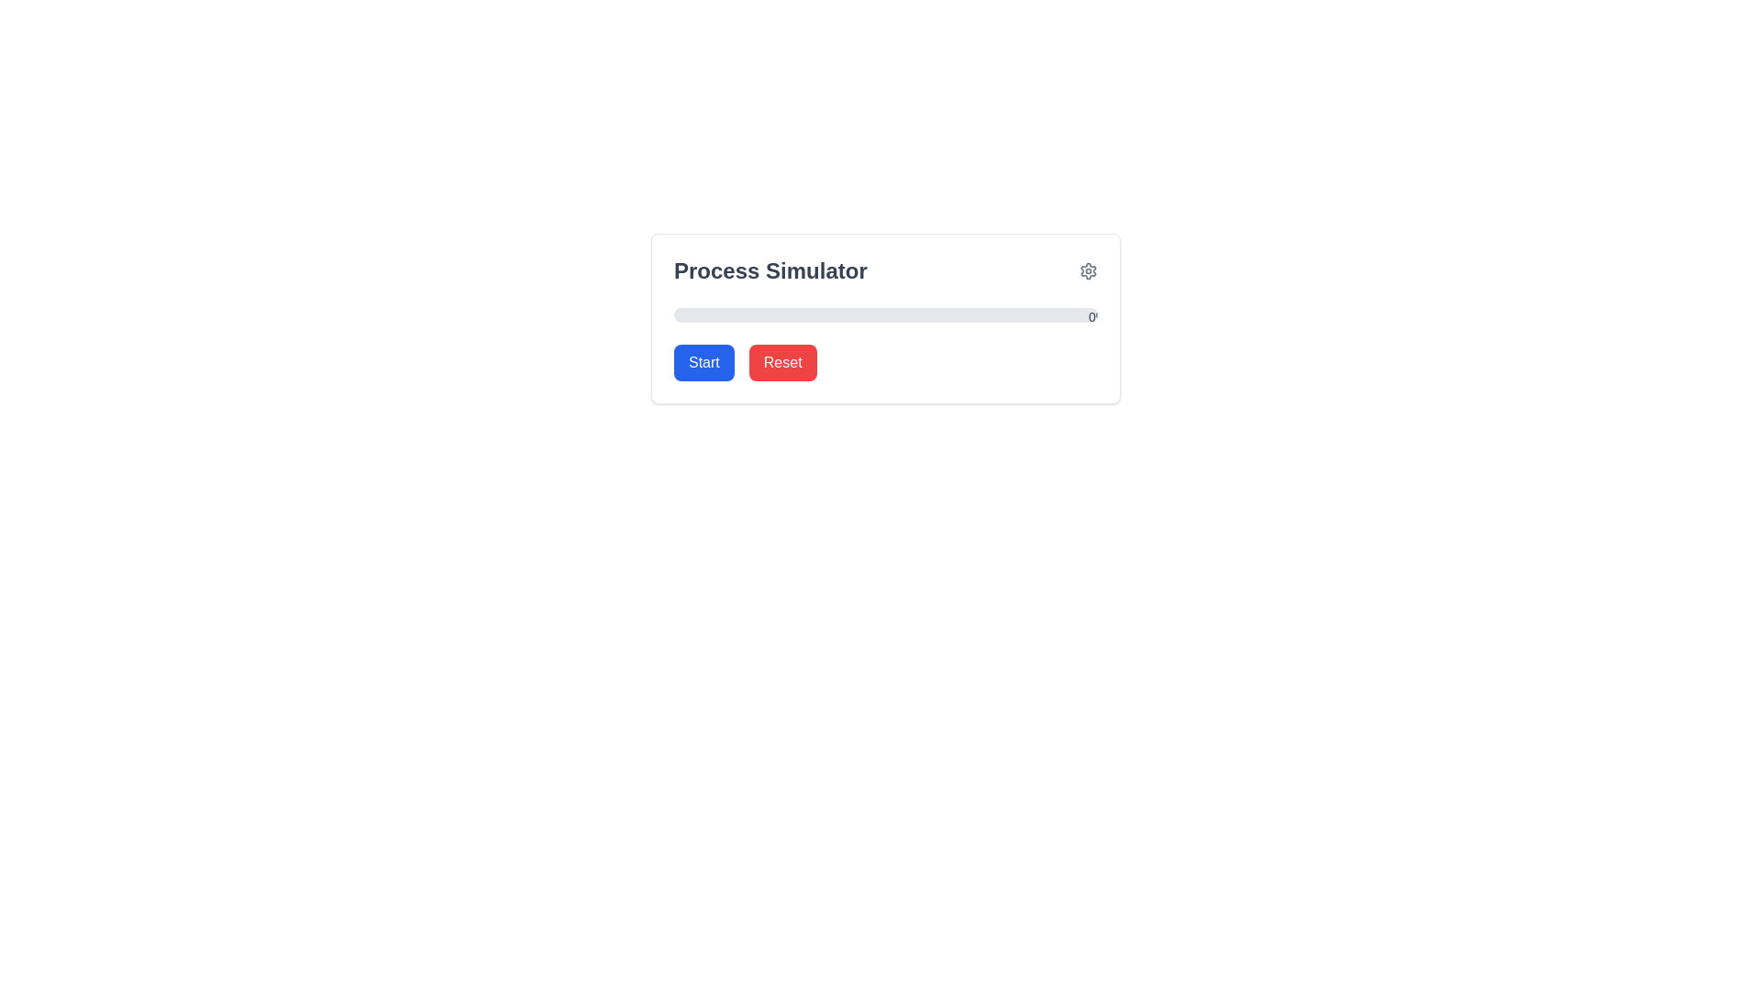  I want to click on the gray gear-shaped settings icon located at the far right in the row with the 'Process Simulator' title, so click(1088, 271).